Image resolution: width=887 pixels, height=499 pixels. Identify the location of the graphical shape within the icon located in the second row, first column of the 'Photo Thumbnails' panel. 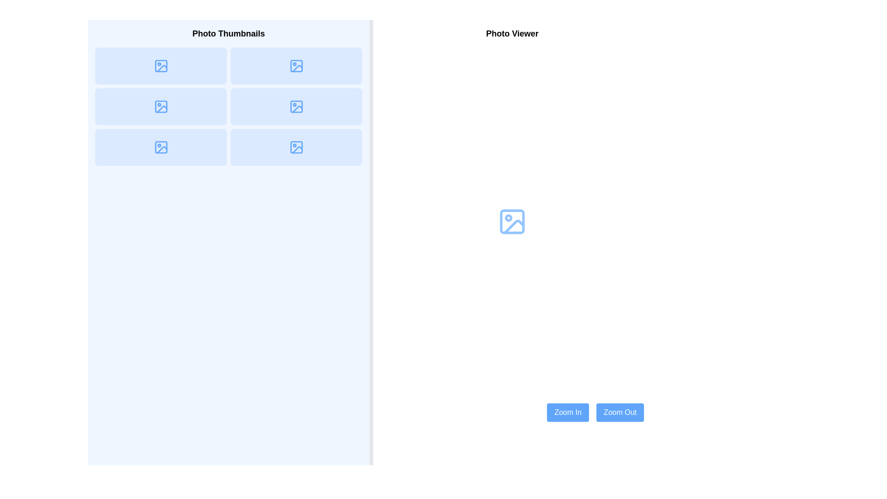
(161, 106).